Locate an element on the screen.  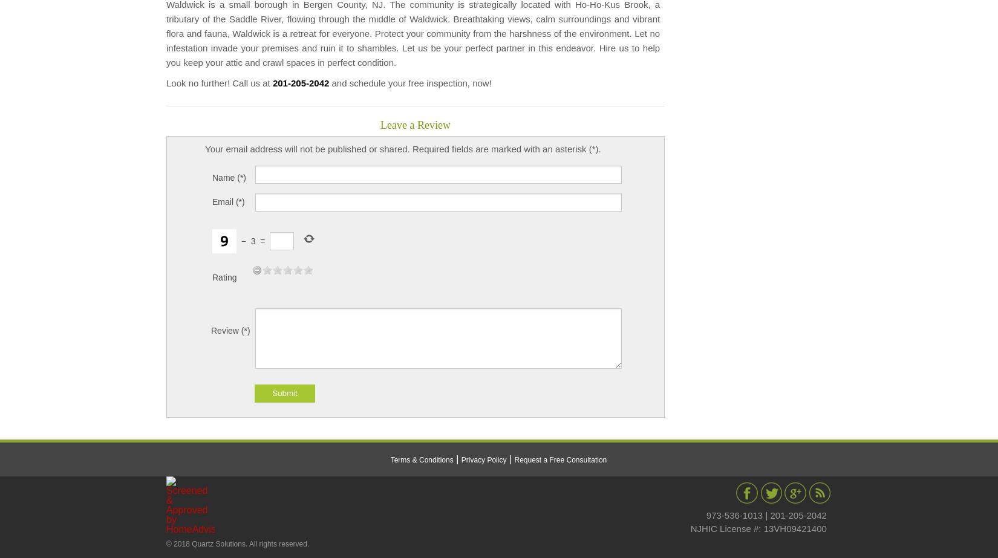
'Privacy Policy' is located at coordinates (460, 458).